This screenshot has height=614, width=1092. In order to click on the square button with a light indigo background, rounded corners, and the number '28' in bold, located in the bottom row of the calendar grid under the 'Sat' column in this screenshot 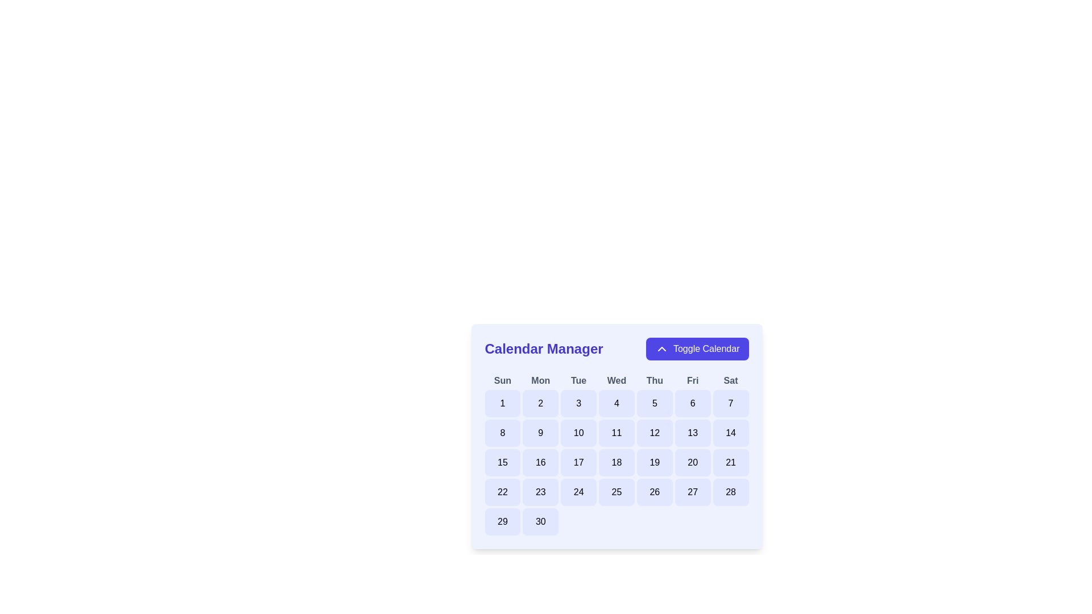, I will do `click(731, 492)`.